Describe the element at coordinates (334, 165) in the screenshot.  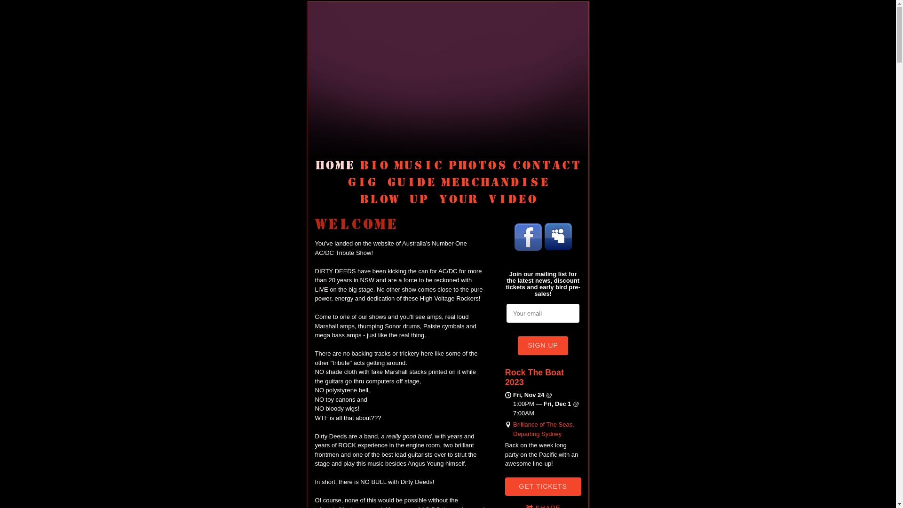
I see `'Home'` at that location.